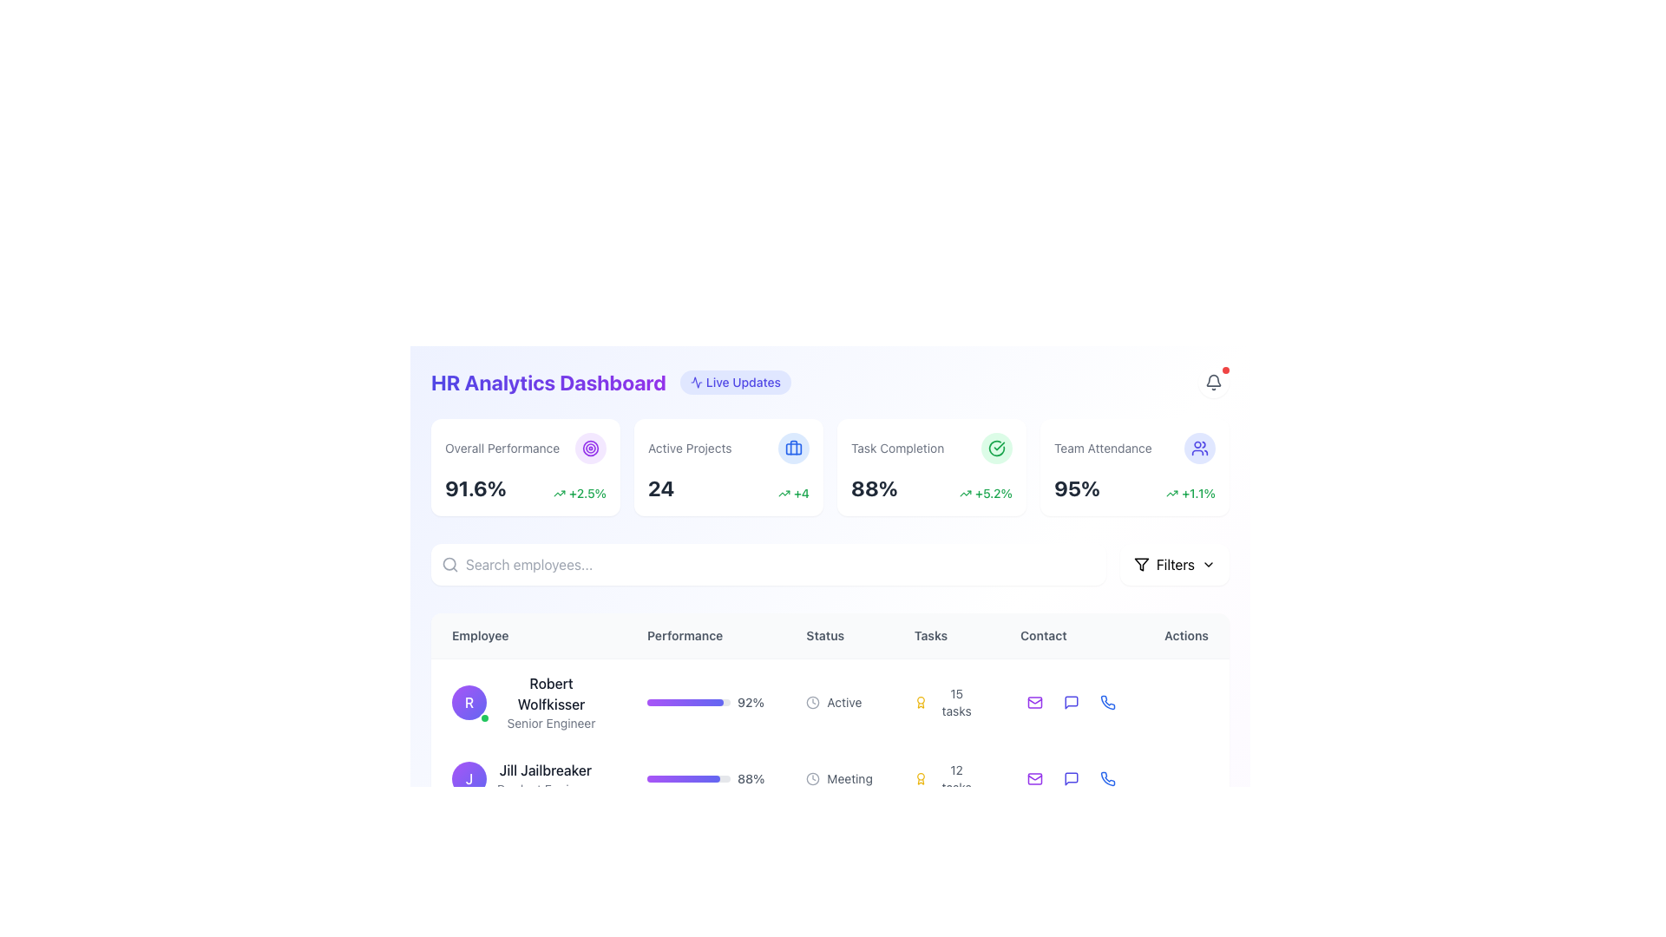 This screenshot has height=937, width=1666. I want to click on progress bar that visually represents the performance metric of the employee 'Robert Wolfkisser' in the Performance column of the dashboard, so click(685, 703).